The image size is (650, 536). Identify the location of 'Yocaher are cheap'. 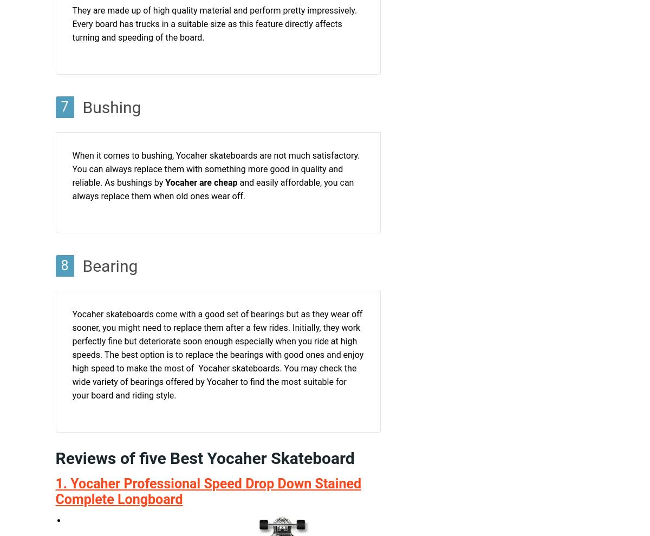
(165, 182).